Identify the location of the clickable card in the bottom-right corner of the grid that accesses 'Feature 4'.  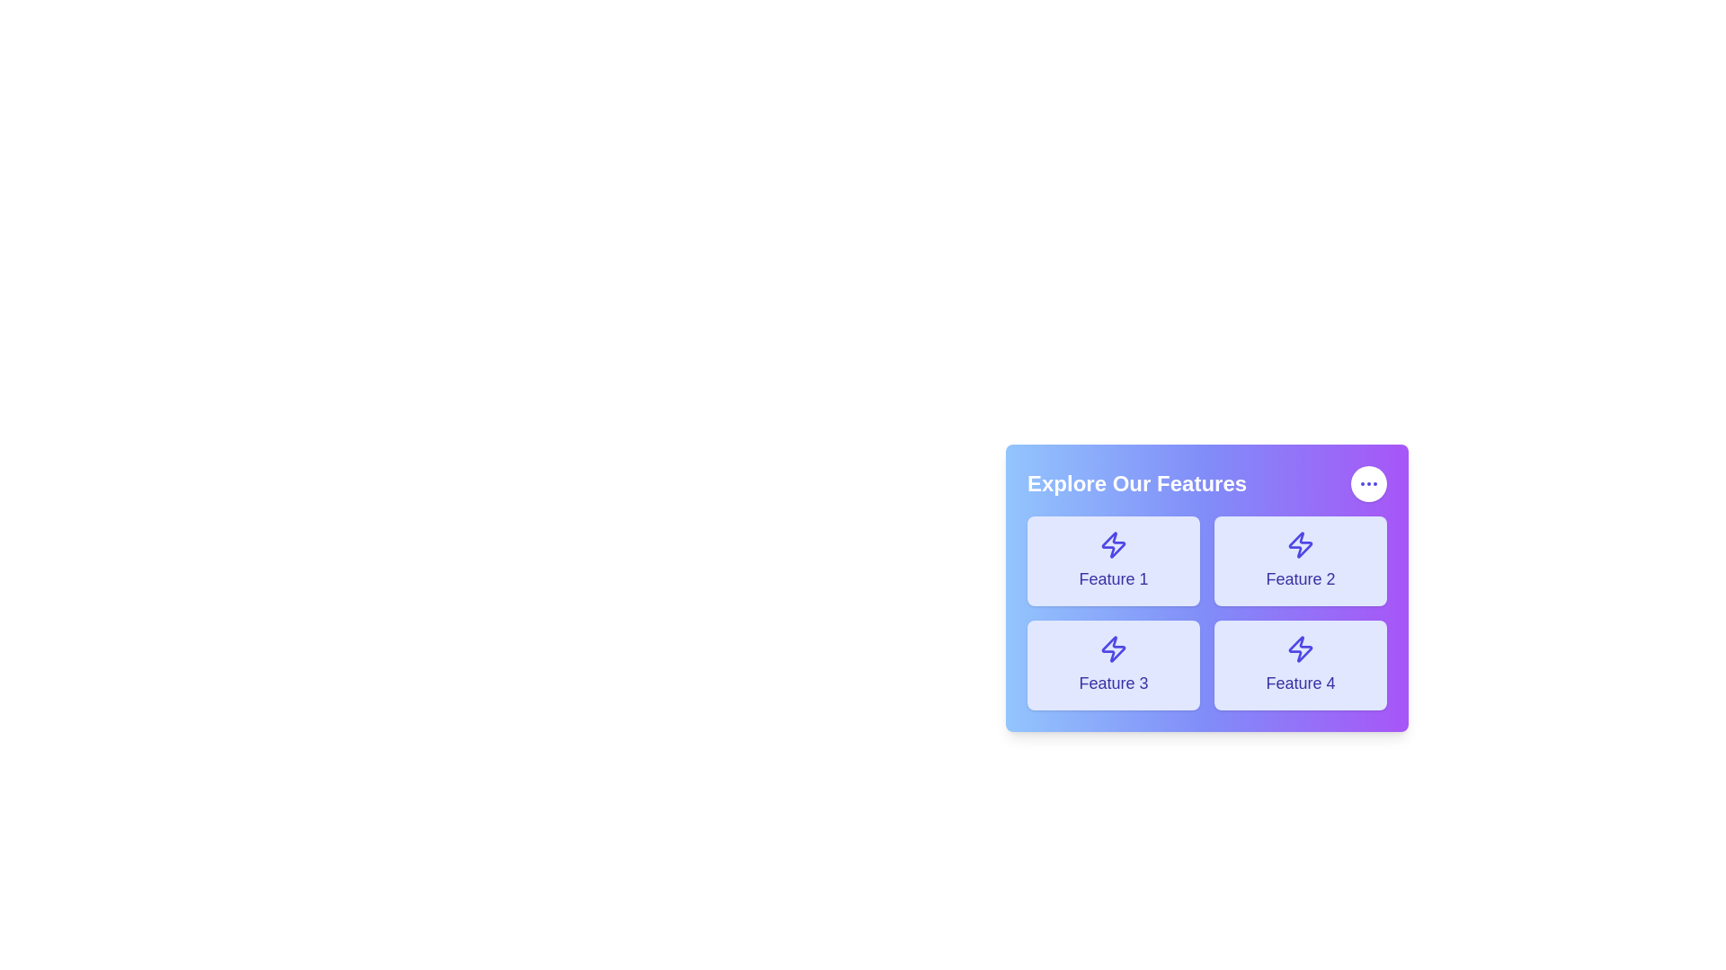
(1300, 665).